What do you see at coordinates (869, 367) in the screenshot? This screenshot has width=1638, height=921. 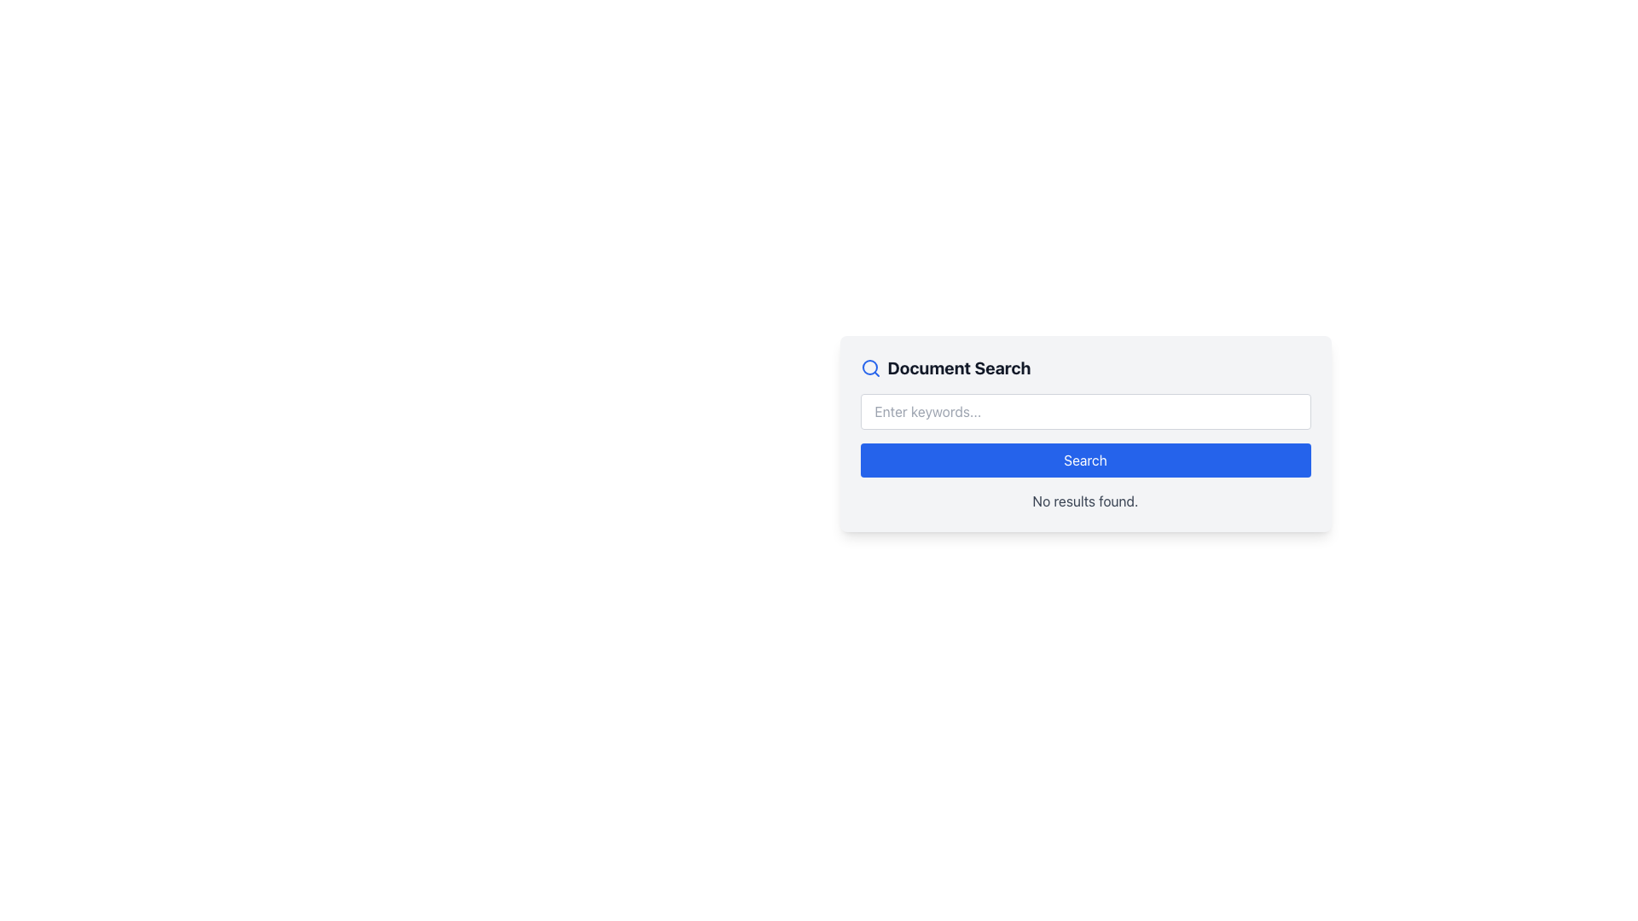 I see `the circular graphical element that represents the search functionality of the interface, located inside a larger magnifying glass graphic, to the left of the 'Document Search' title` at bounding box center [869, 367].